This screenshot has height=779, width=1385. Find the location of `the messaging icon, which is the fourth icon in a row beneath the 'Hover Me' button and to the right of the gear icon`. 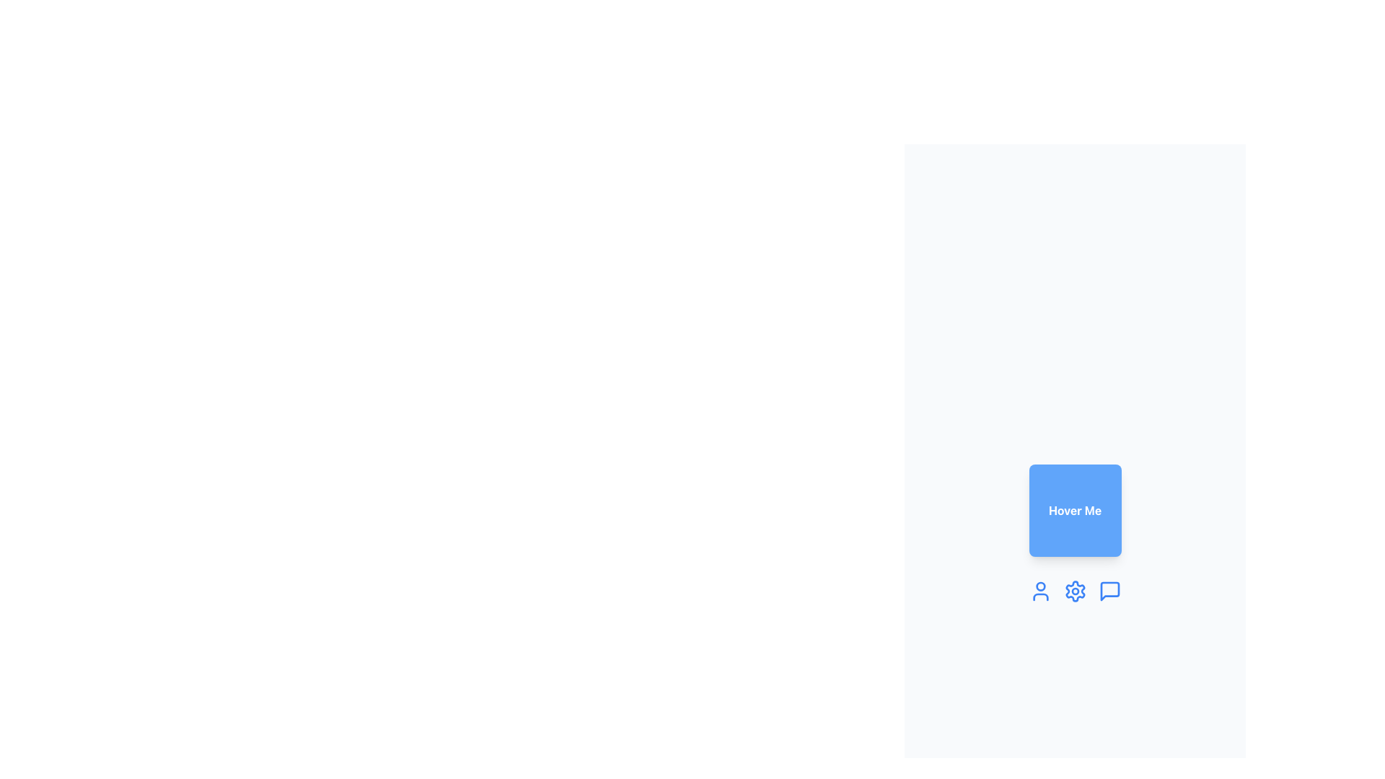

the messaging icon, which is the fourth icon in a row beneath the 'Hover Me' button and to the right of the gear icon is located at coordinates (1109, 591).